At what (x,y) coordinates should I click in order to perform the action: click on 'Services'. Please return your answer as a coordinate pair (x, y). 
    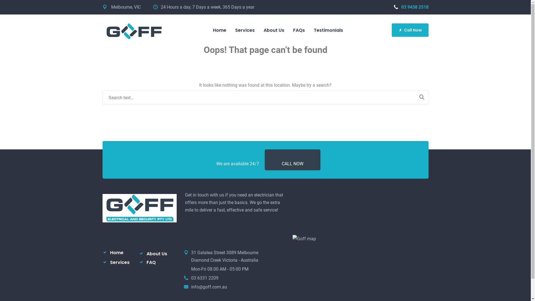
    Looking at the image, I should click on (119, 262).